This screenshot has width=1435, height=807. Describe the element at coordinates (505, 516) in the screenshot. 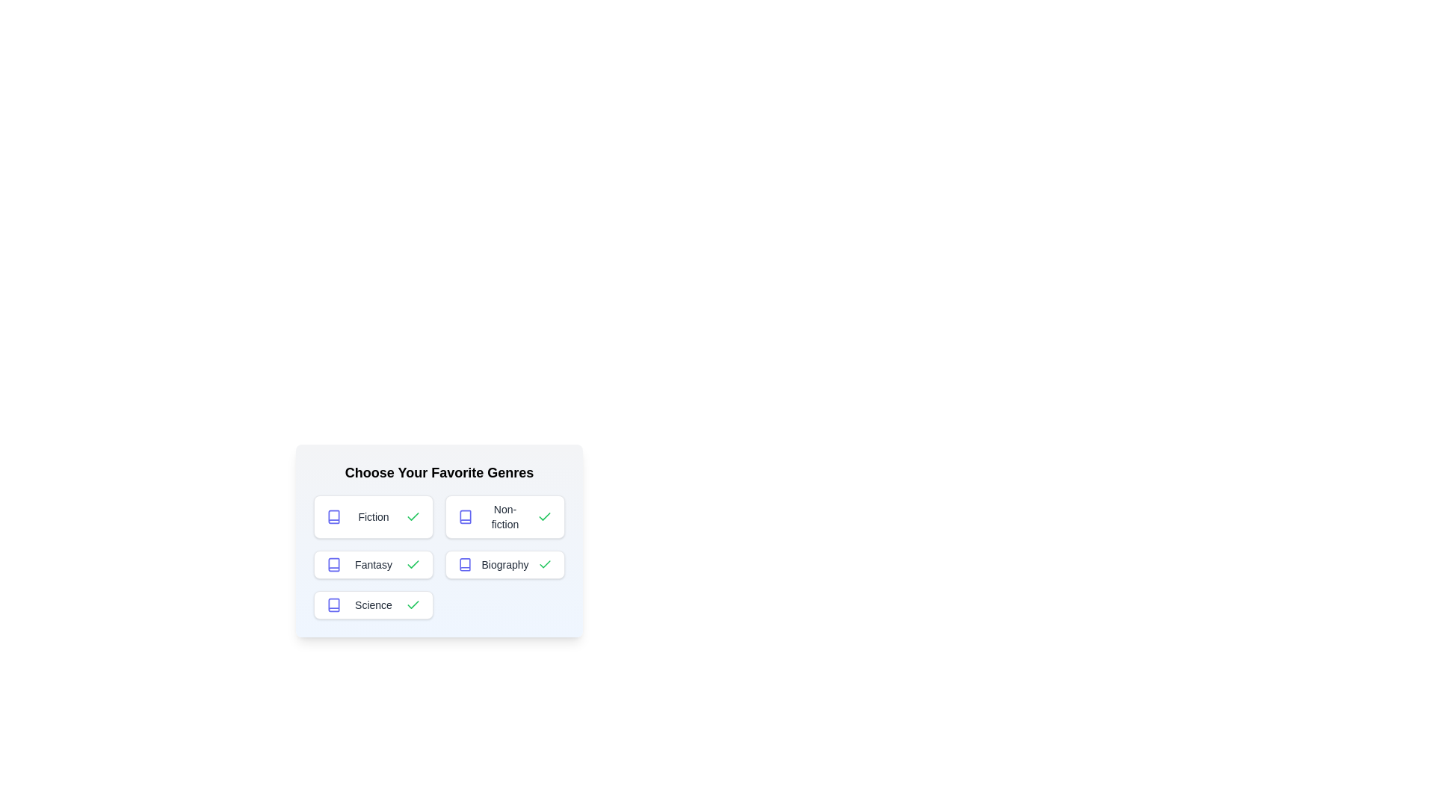

I see `the genre button labeled Non-fiction to toggle its selection` at that location.